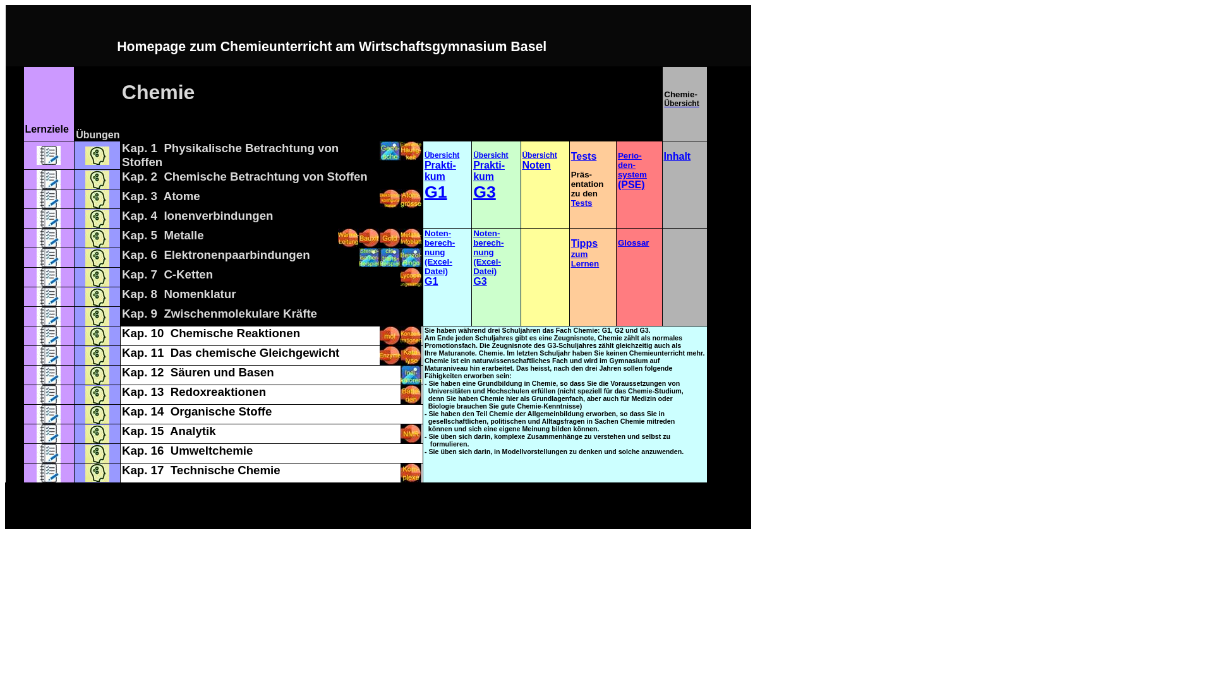 The height and width of the screenshot is (682, 1213). Describe the element at coordinates (676, 156) in the screenshot. I see `'Inhalt'` at that location.